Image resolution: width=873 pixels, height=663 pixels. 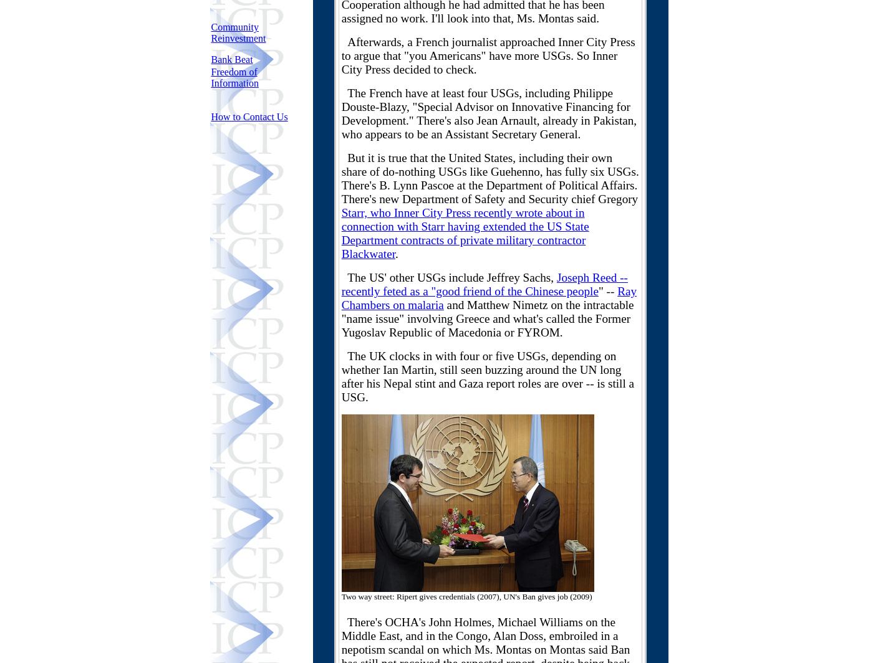 I want to click on 'The
UK clocks in with four or five USGs, depending on whether Ian Martin,
still seen buzzing around the UN long after his Nepal stint and Gaza
report roles are over -- is still a USG.', so click(x=488, y=376).